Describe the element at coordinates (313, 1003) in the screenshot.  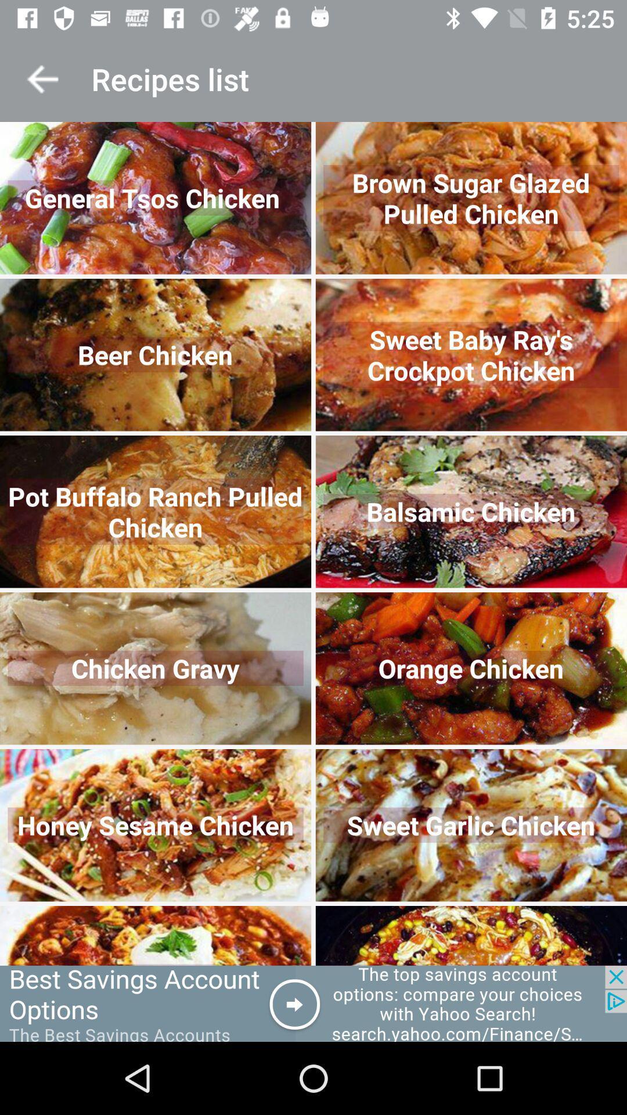
I see `advertising` at that location.